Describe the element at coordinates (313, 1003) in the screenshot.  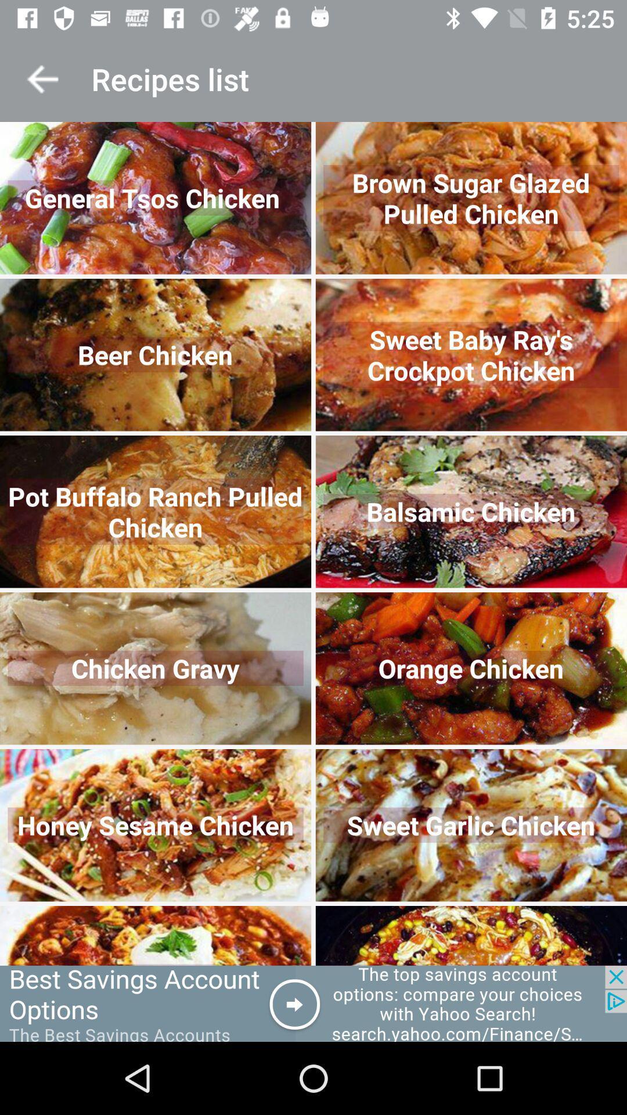
I see `advertising` at that location.